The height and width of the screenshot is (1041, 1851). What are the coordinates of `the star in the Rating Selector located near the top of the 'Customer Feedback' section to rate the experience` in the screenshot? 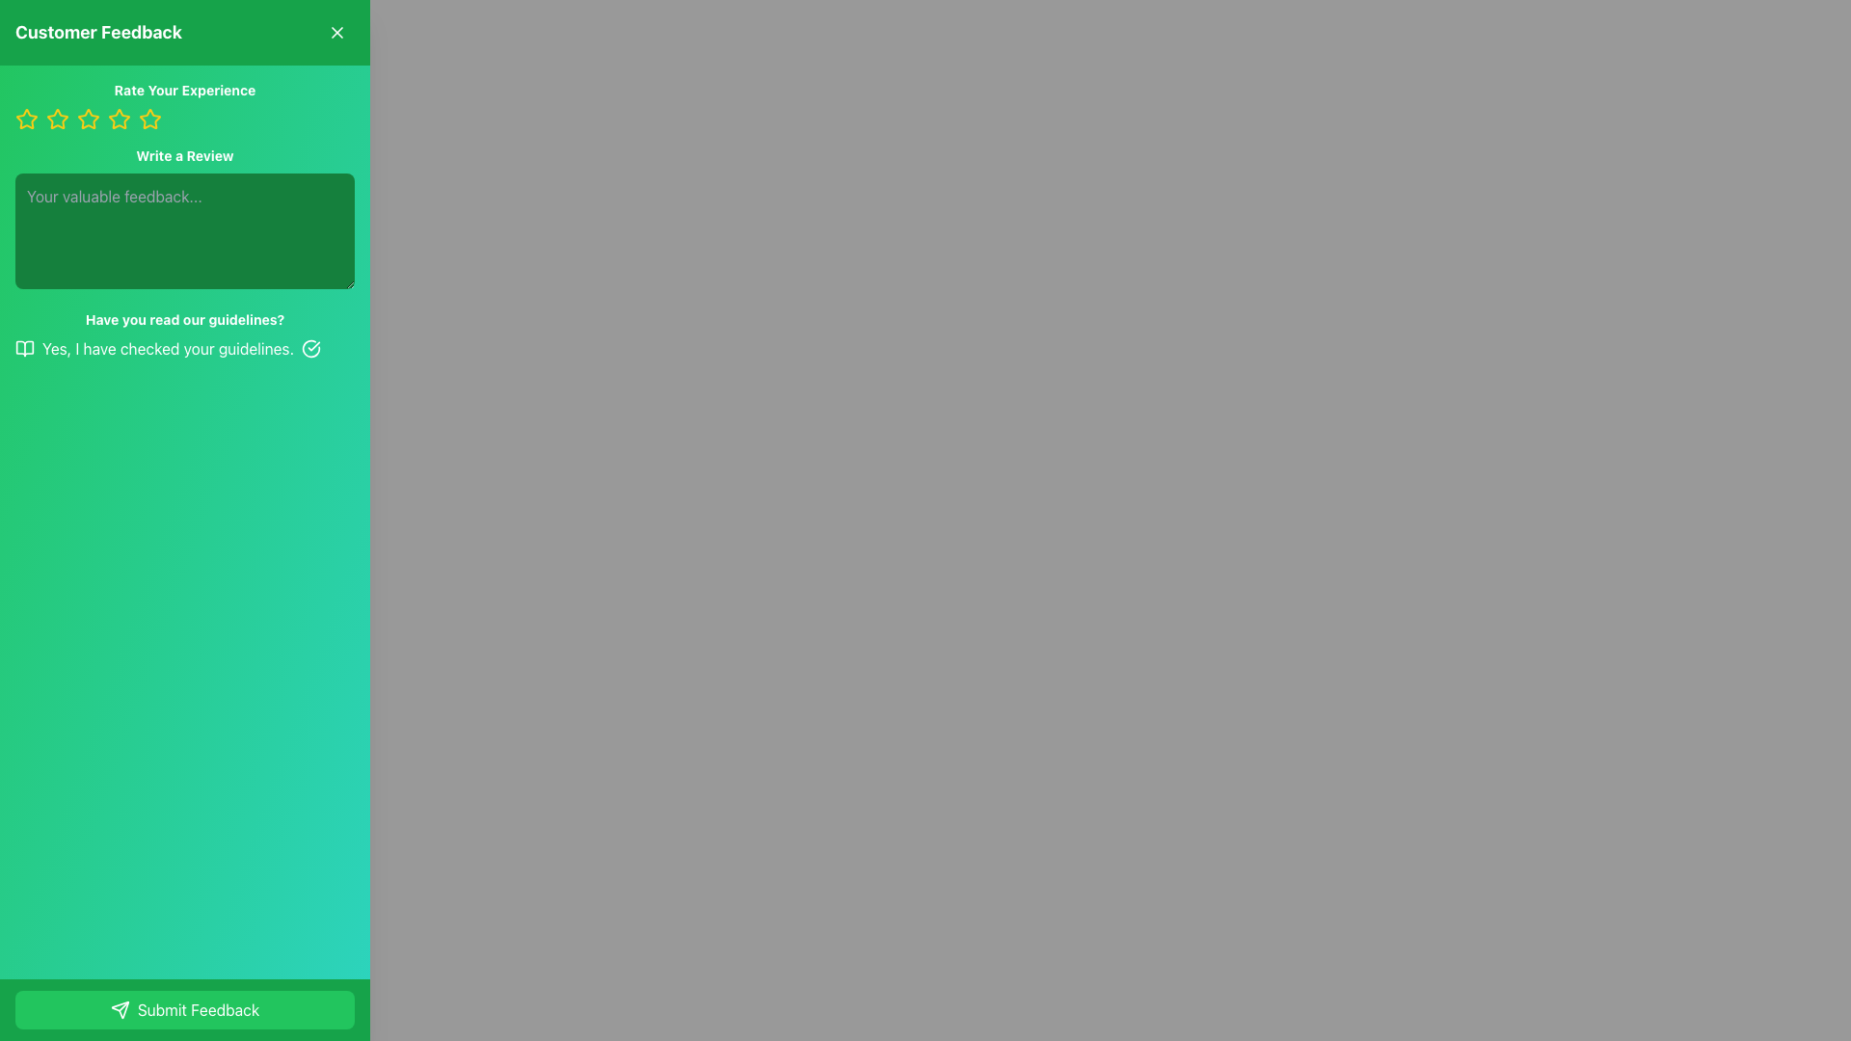 It's located at (185, 106).